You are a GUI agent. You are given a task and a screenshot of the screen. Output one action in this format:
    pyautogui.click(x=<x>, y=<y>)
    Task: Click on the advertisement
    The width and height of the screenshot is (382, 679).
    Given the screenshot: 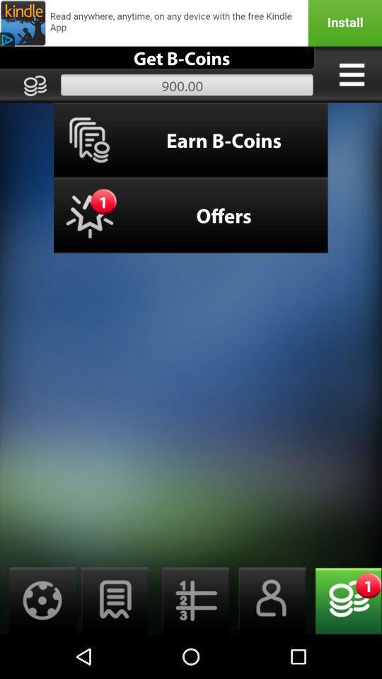 What is the action you would take?
    pyautogui.click(x=191, y=22)
    